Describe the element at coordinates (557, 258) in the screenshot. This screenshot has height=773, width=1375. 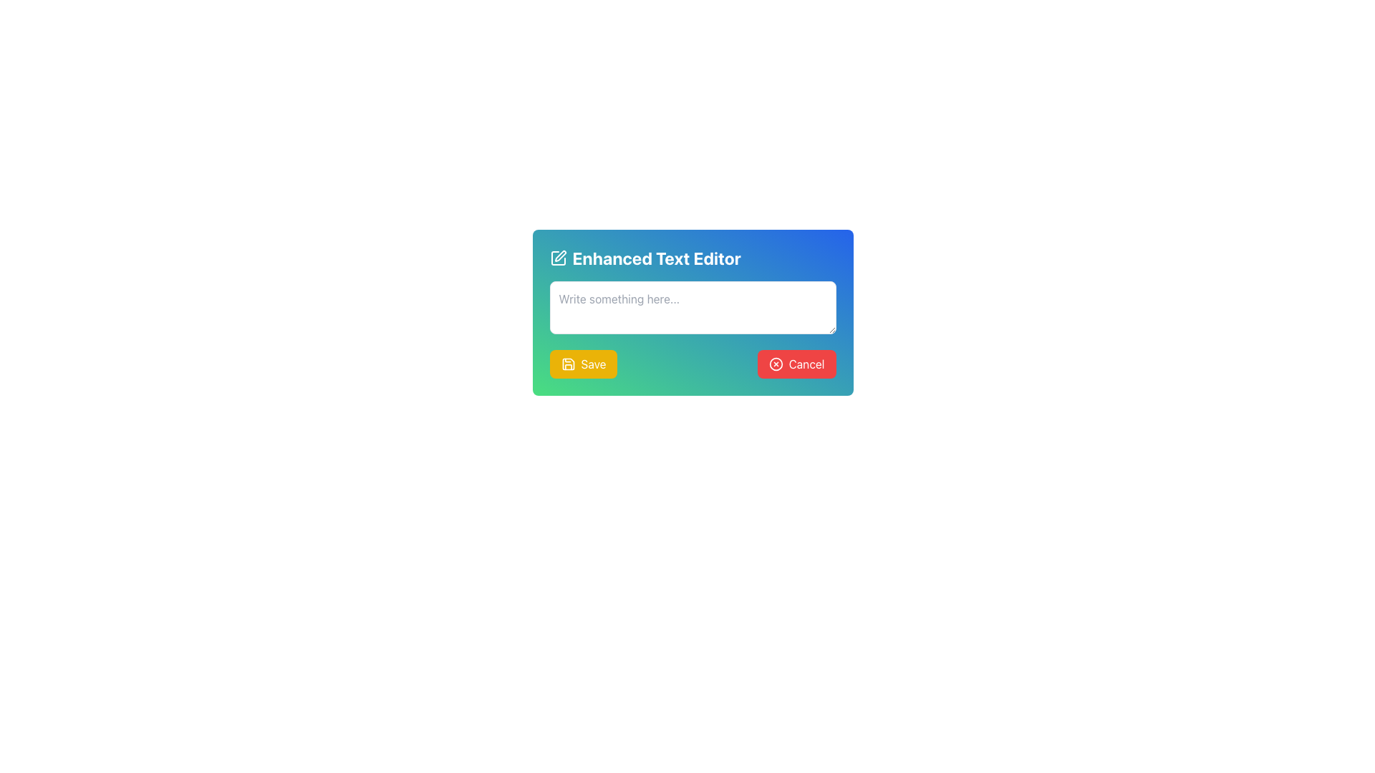
I see `the editing function icon located to the far left of the title header, which indicates the 'Enhanced Text Editor'` at that location.